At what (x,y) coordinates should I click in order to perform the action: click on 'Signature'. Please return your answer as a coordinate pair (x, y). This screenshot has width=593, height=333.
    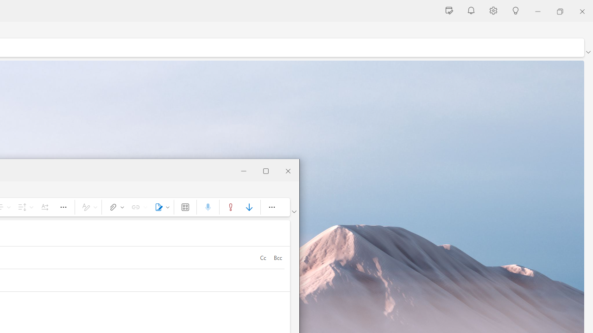
    Looking at the image, I should click on (160, 206).